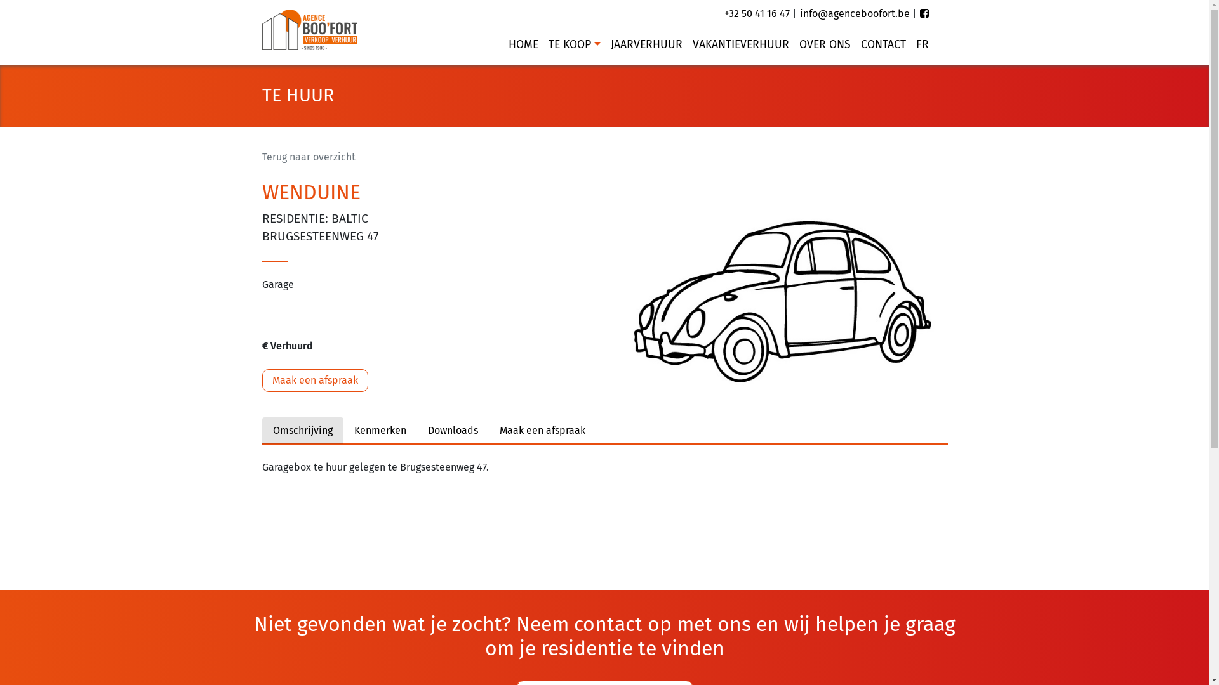 The height and width of the screenshot is (685, 1219). I want to click on 'TE KOOP', so click(573, 44).